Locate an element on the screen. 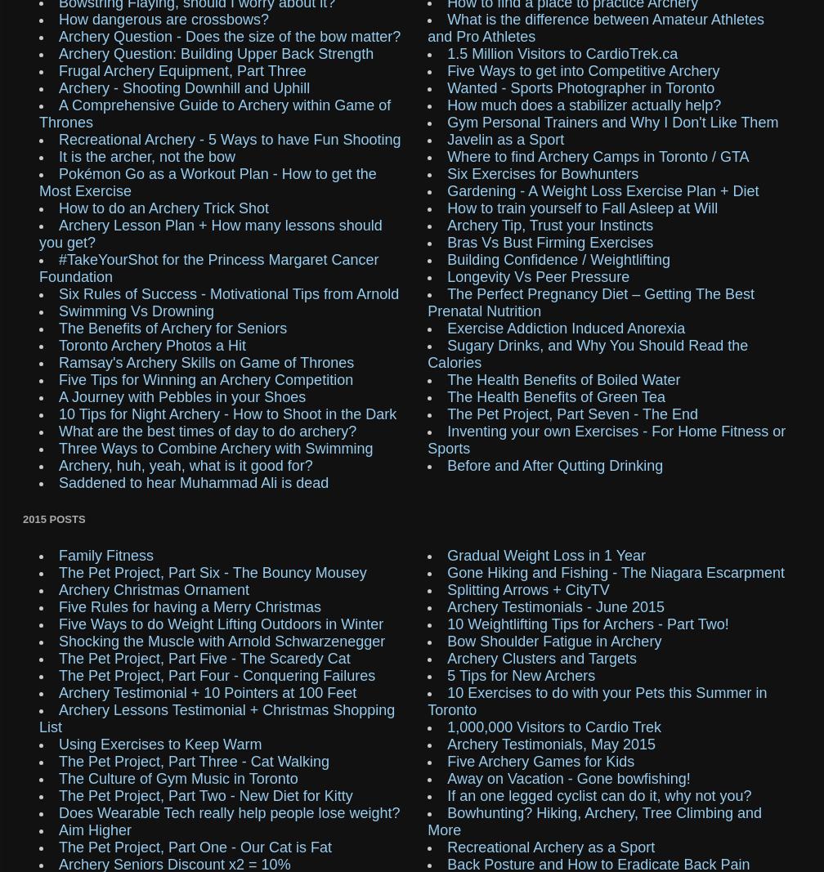 This screenshot has width=824, height=872. 'Archery - Shooting Downhill and Uphill' is located at coordinates (184, 87).